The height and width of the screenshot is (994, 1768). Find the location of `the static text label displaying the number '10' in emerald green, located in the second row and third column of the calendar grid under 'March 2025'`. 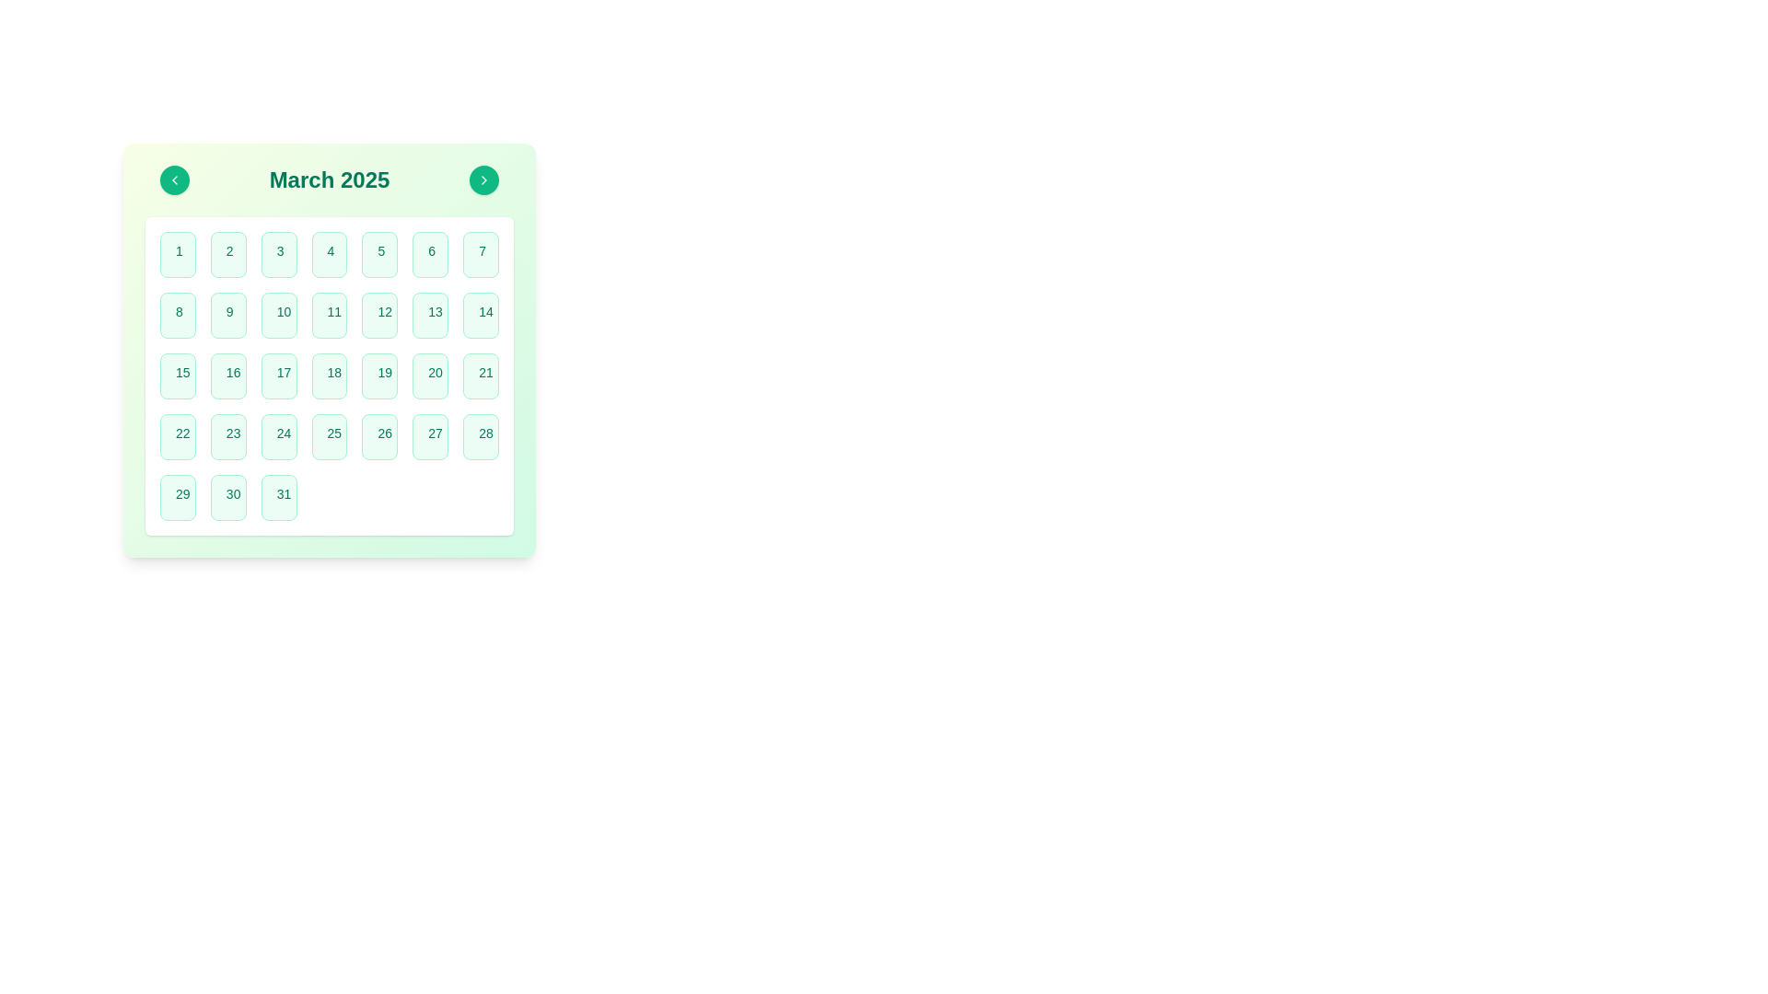

the static text label displaying the number '10' in emerald green, located in the second row and third column of the calendar grid under 'March 2025' is located at coordinates (283, 311).